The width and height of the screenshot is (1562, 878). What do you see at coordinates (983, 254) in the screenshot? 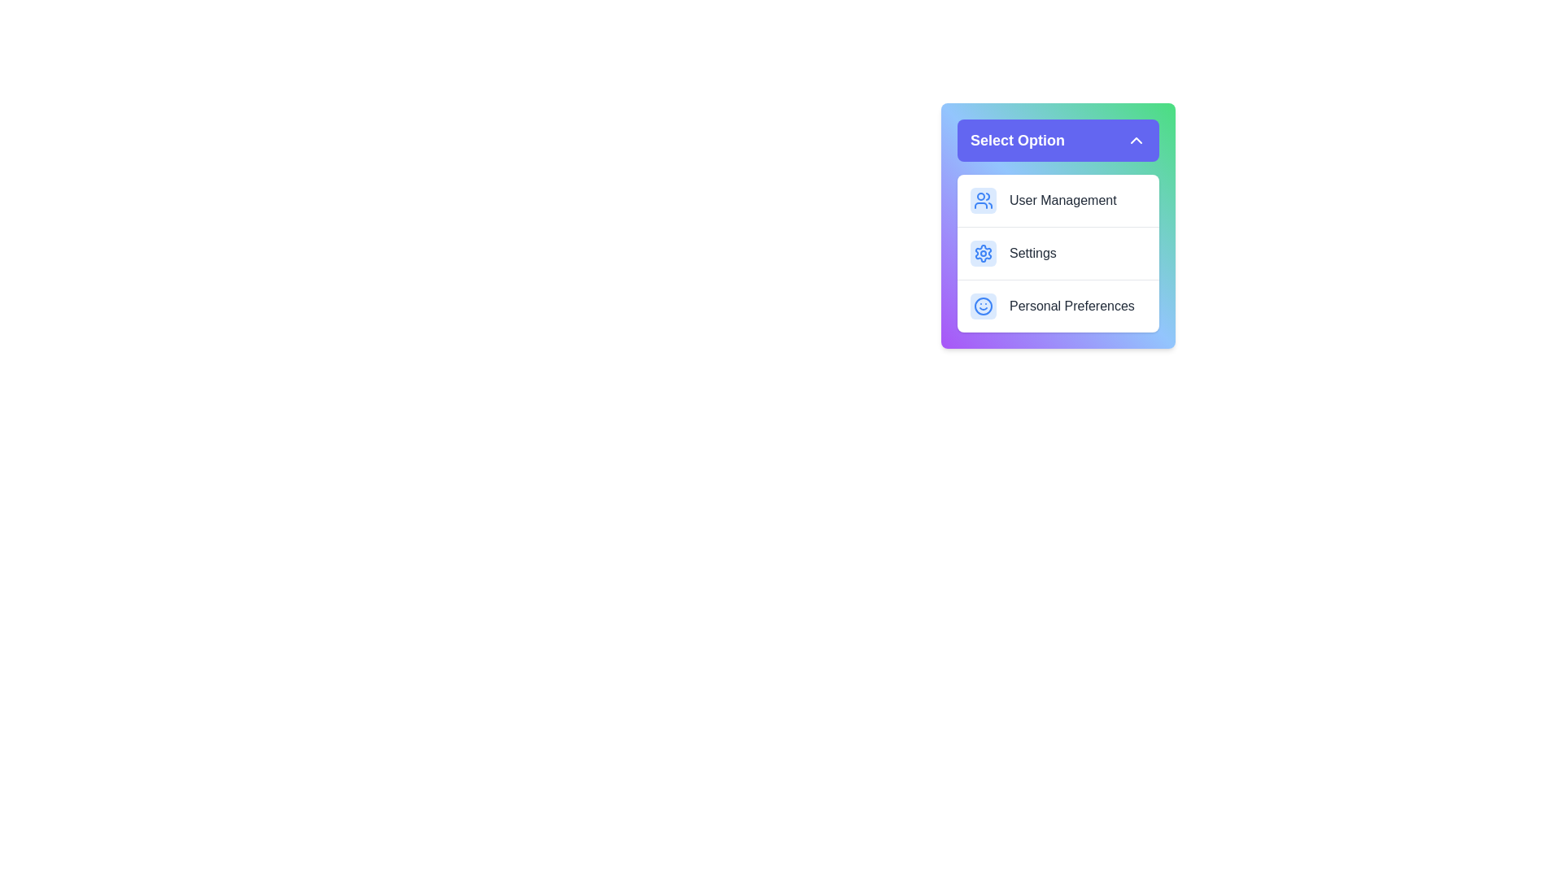
I see `the gear icon representing the settings option` at bounding box center [983, 254].